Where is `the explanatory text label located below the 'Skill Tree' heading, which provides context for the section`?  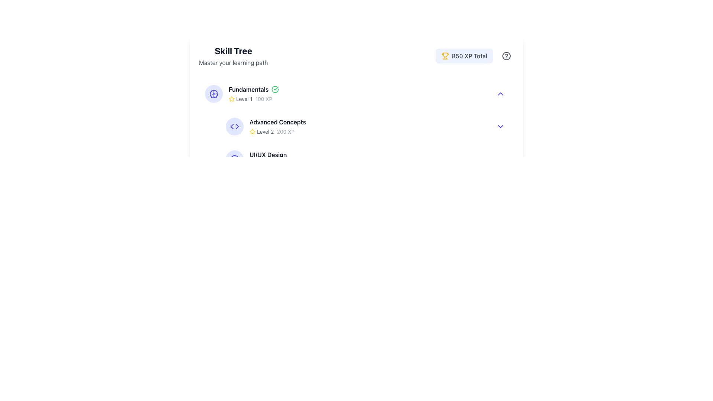 the explanatory text label located below the 'Skill Tree' heading, which provides context for the section is located at coordinates (233, 62).